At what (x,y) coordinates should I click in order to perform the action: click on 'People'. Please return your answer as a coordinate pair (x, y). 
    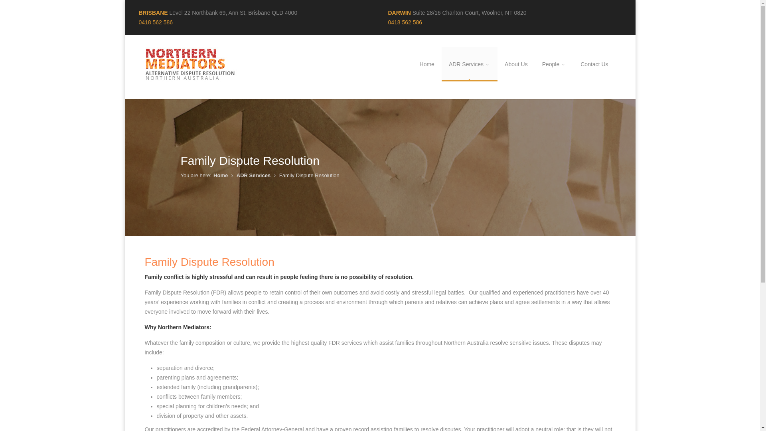
    Looking at the image, I should click on (554, 64).